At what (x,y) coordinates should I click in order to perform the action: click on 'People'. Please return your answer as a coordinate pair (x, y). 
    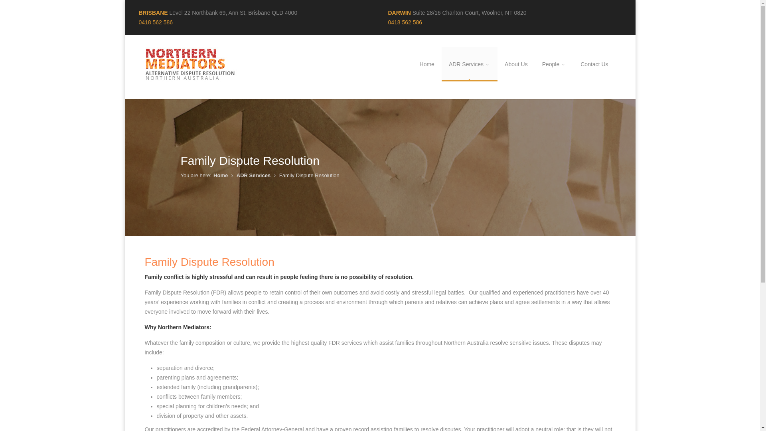
    Looking at the image, I should click on (554, 64).